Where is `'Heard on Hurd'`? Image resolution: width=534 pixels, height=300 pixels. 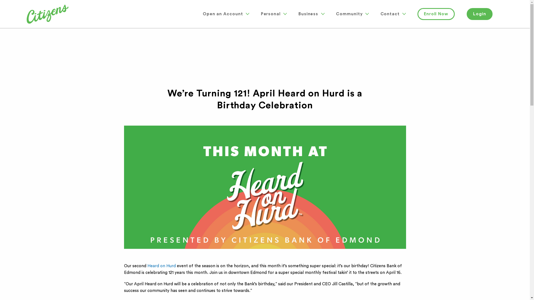 'Heard on Hurd' is located at coordinates (161, 266).